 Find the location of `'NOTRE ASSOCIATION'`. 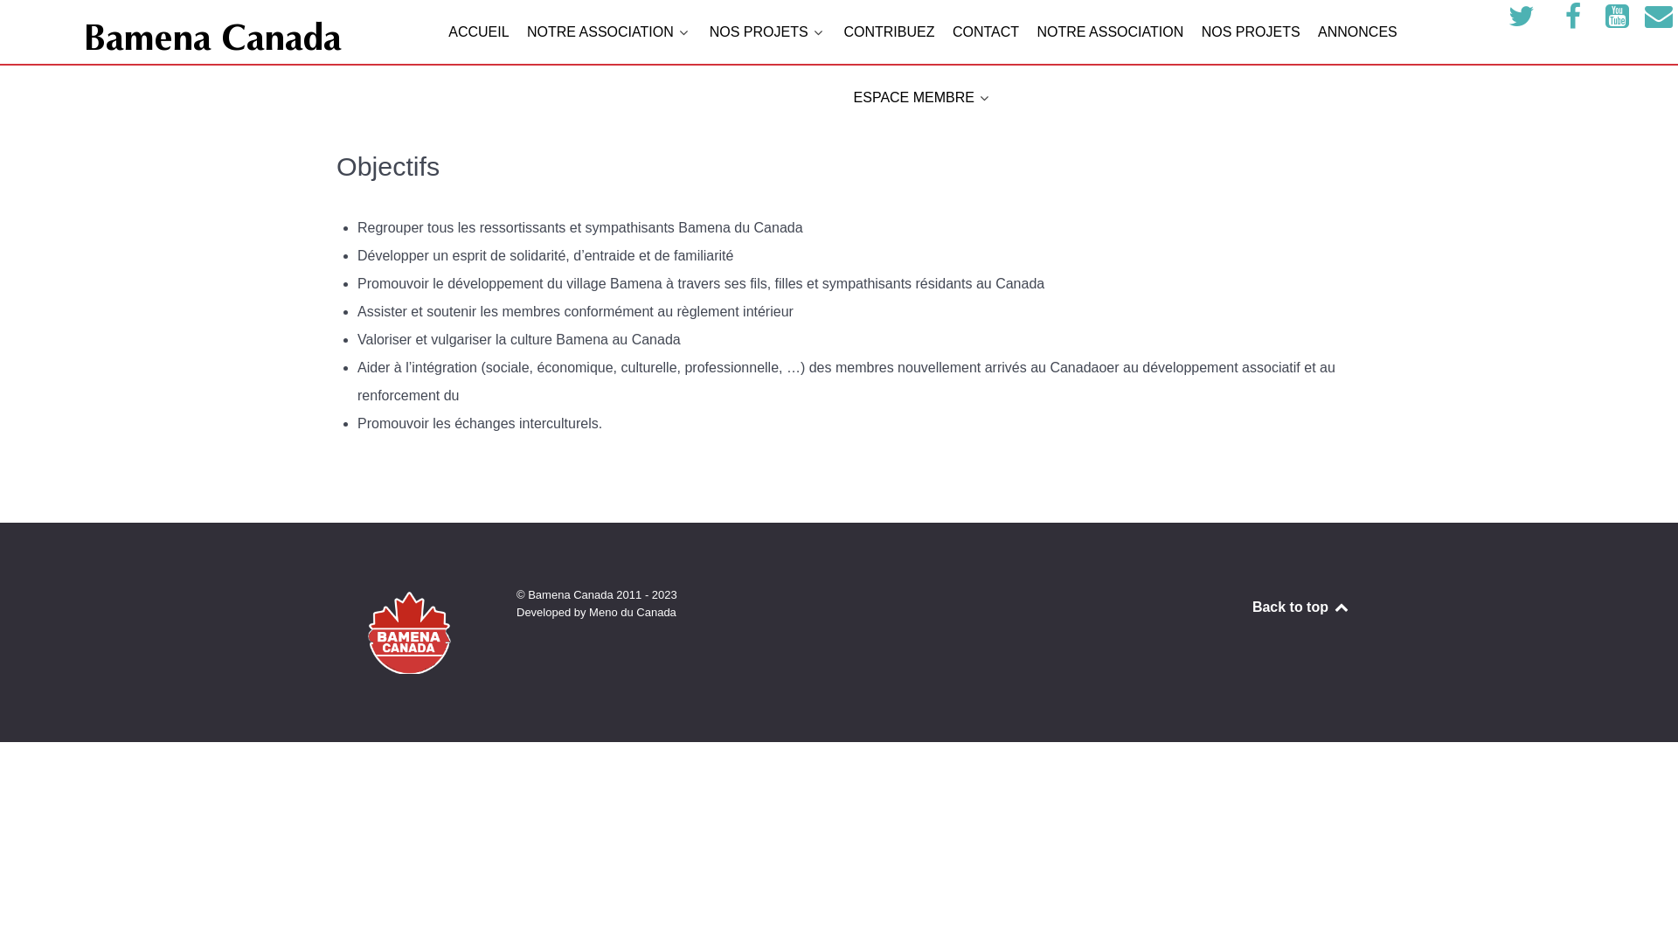

'NOTRE ASSOCIATION' is located at coordinates (608, 33).